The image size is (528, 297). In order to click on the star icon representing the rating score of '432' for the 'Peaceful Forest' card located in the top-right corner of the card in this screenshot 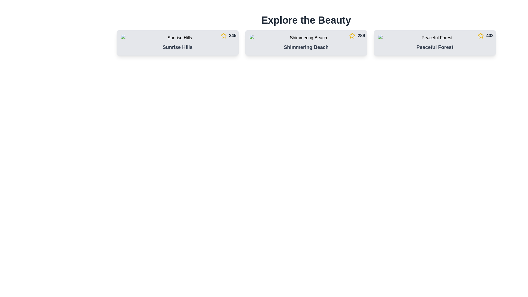, I will do `click(485, 36)`.